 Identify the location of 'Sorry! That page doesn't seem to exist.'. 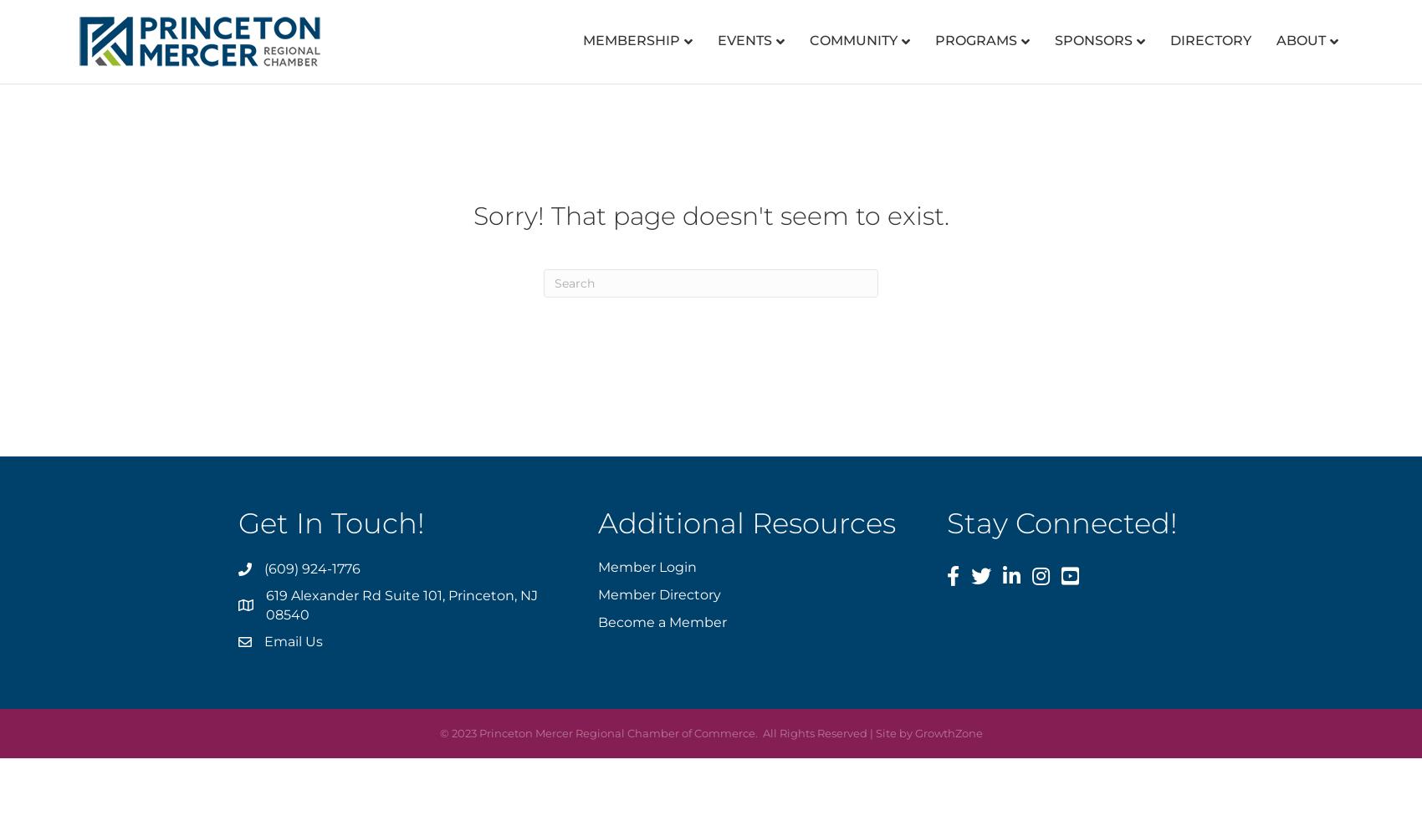
(709, 216).